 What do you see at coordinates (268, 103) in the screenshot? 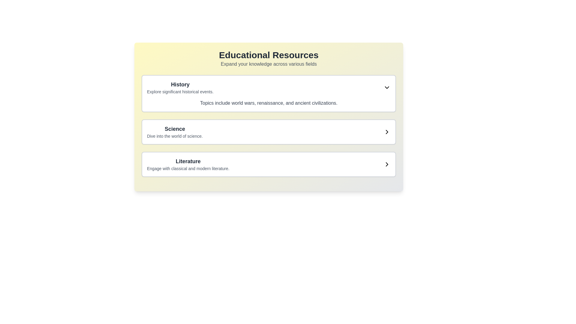
I see `the Static Text element that provides elaboration for the 'History' section, positioned below the bold title 'History'` at bounding box center [268, 103].